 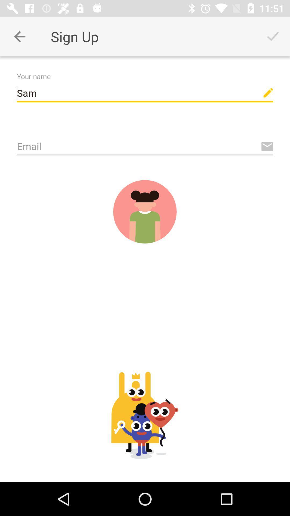 What do you see at coordinates (145, 147) in the screenshot?
I see `email` at bounding box center [145, 147].